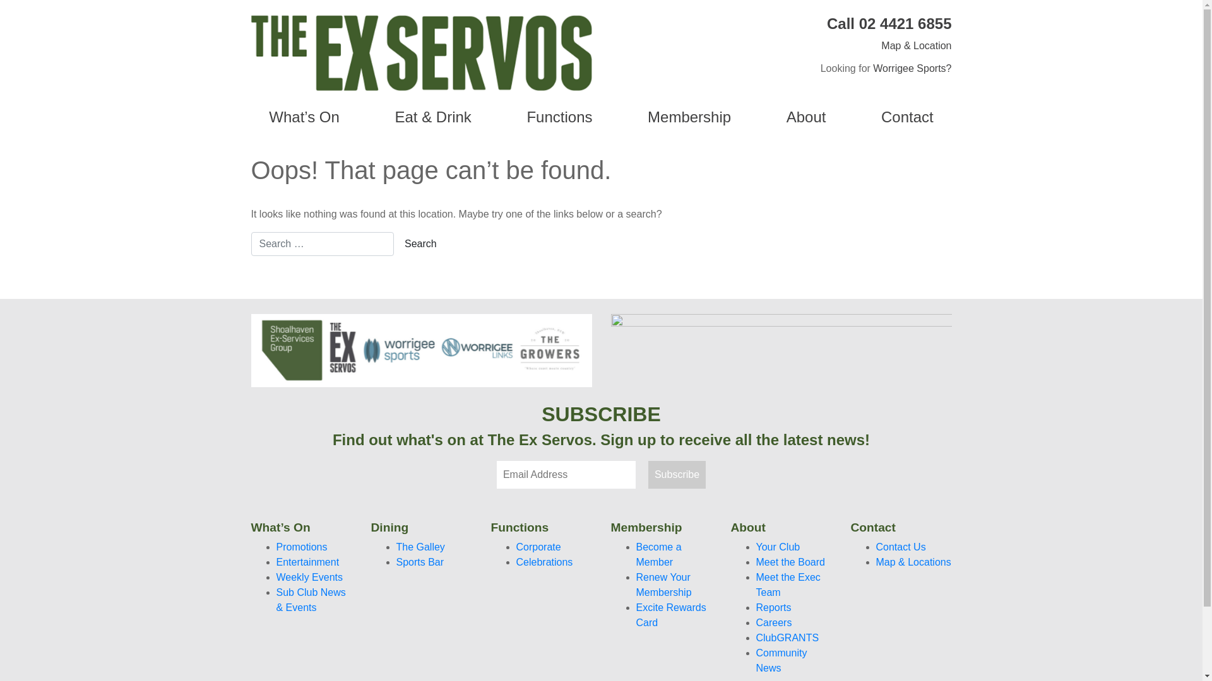 The width and height of the screenshot is (1212, 681). What do you see at coordinates (308, 561) in the screenshot?
I see `'Entertainment'` at bounding box center [308, 561].